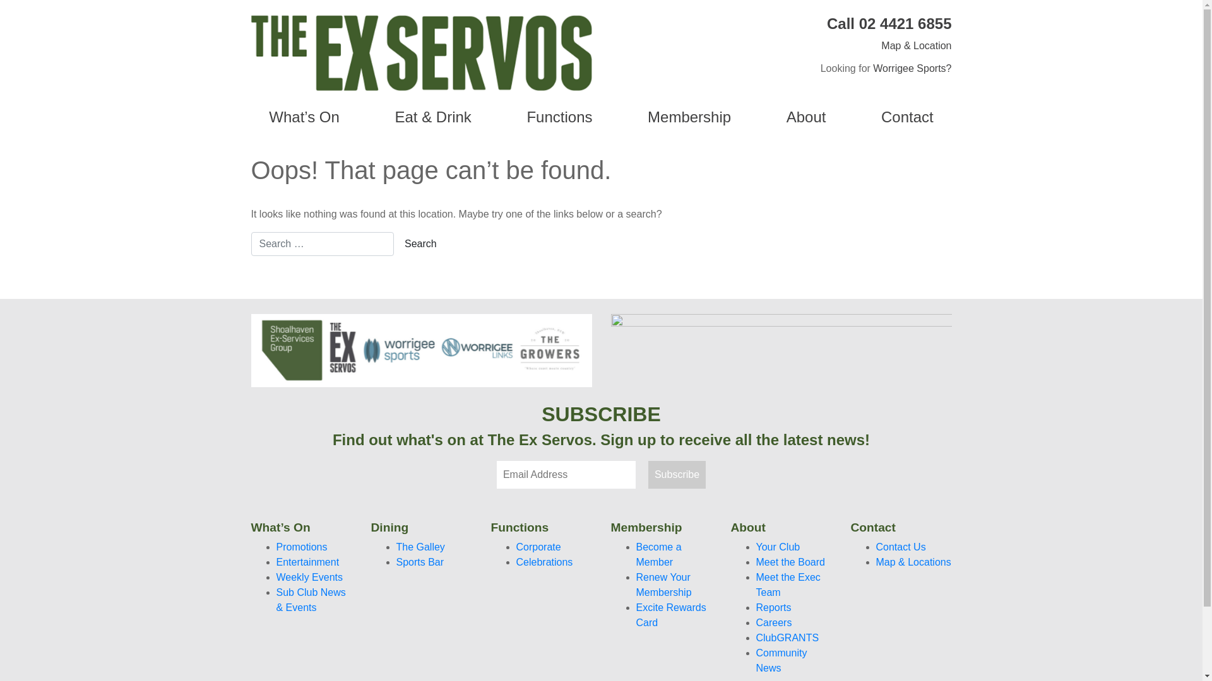 The width and height of the screenshot is (1212, 681). What do you see at coordinates (308, 561) in the screenshot?
I see `'Entertainment'` at bounding box center [308, 561].